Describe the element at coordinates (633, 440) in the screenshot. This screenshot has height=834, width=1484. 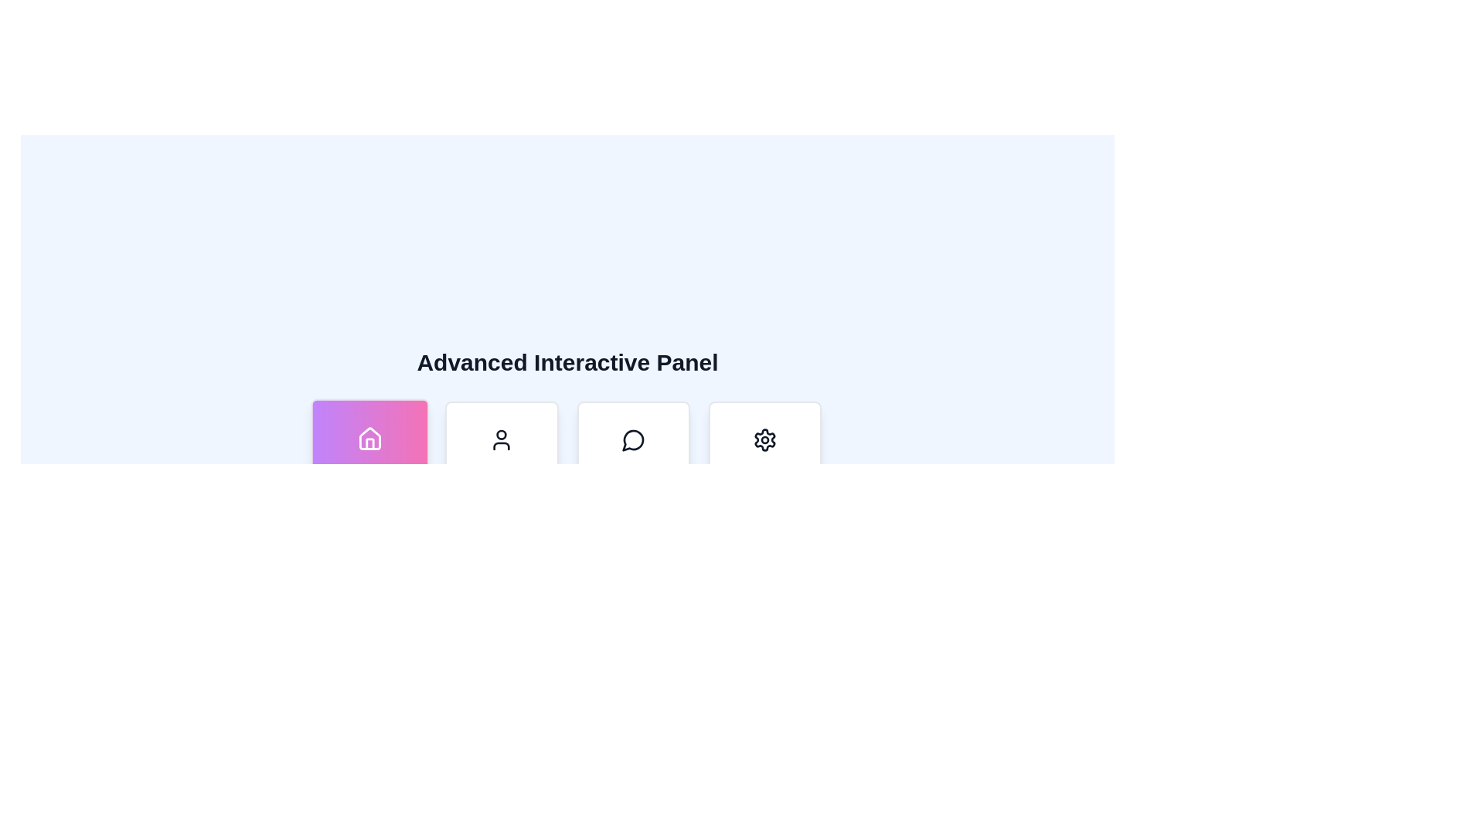
I see `the circular speech bubble icon with a tail, located within the 'Messages' button` at that location.